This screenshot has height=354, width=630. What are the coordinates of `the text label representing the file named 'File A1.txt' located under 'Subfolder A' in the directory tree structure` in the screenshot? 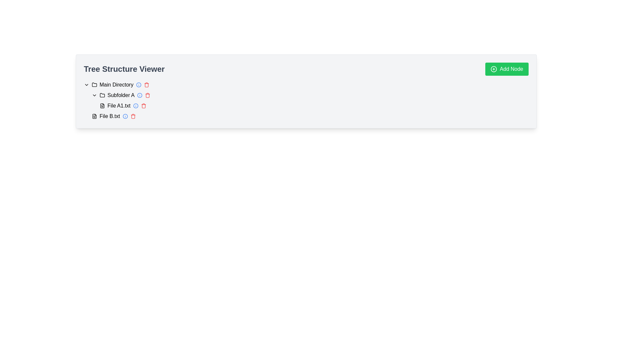 It's located at (119, 106).